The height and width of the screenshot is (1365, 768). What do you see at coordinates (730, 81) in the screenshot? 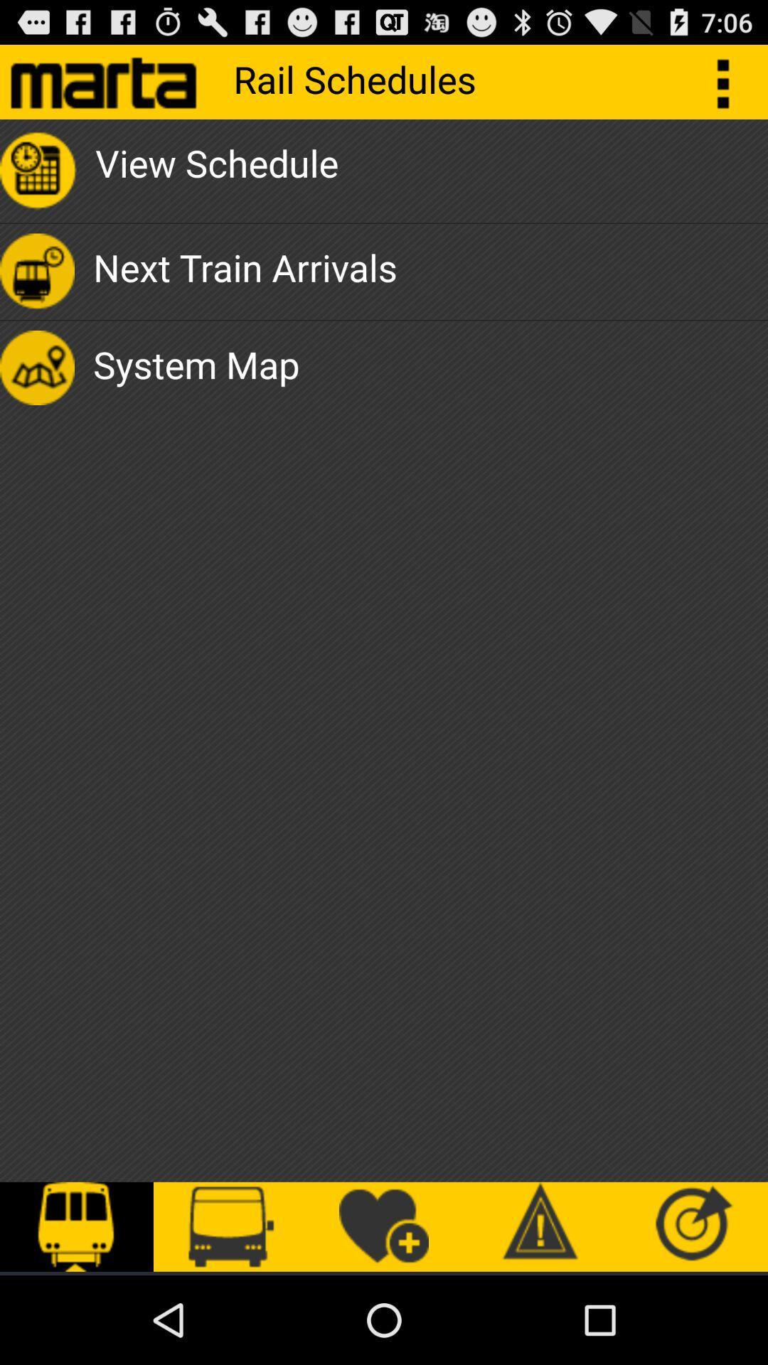
I see `item next to view schedule icon` at bounding box center [730, 81].